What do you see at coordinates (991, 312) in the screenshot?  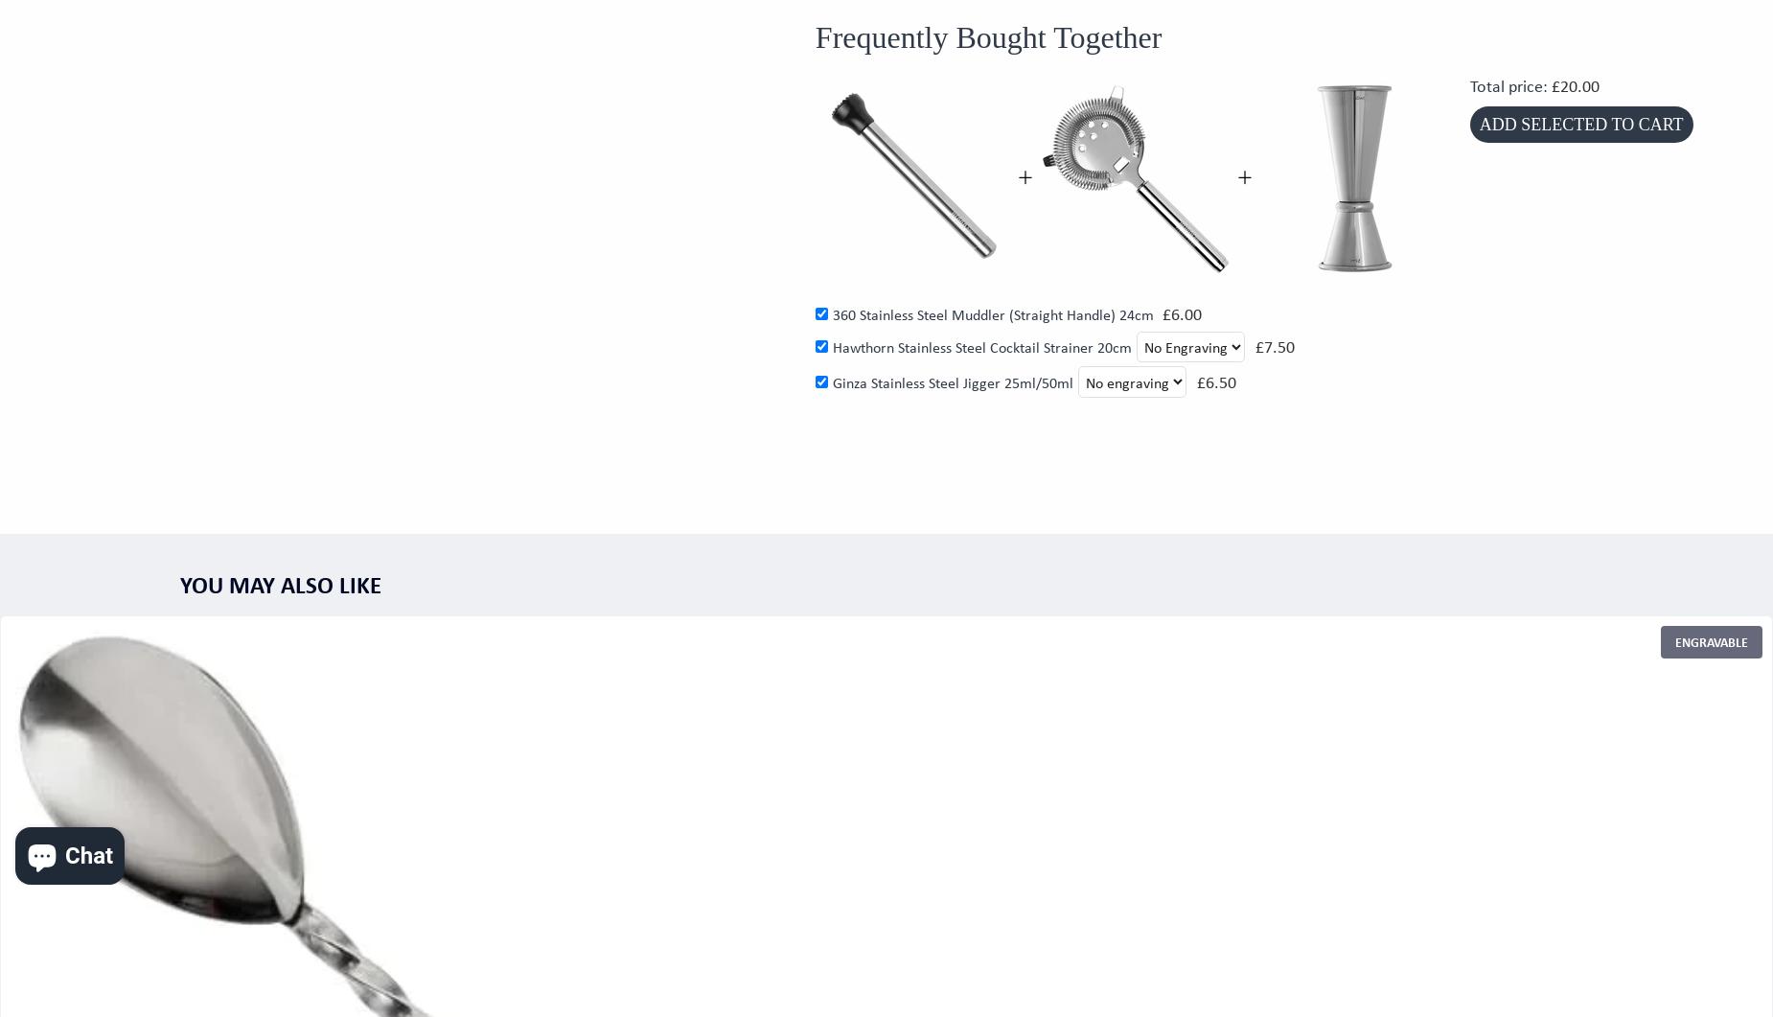 I see `'360 Stainless Steel Muddler (Straight Handle) 24cm'` at bounding box center [991, 312].